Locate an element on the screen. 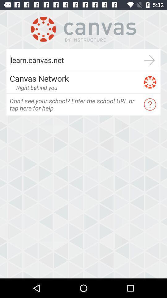 The image size is (167, 298). the icon above don t see icon is located at coordinates (36, 87).